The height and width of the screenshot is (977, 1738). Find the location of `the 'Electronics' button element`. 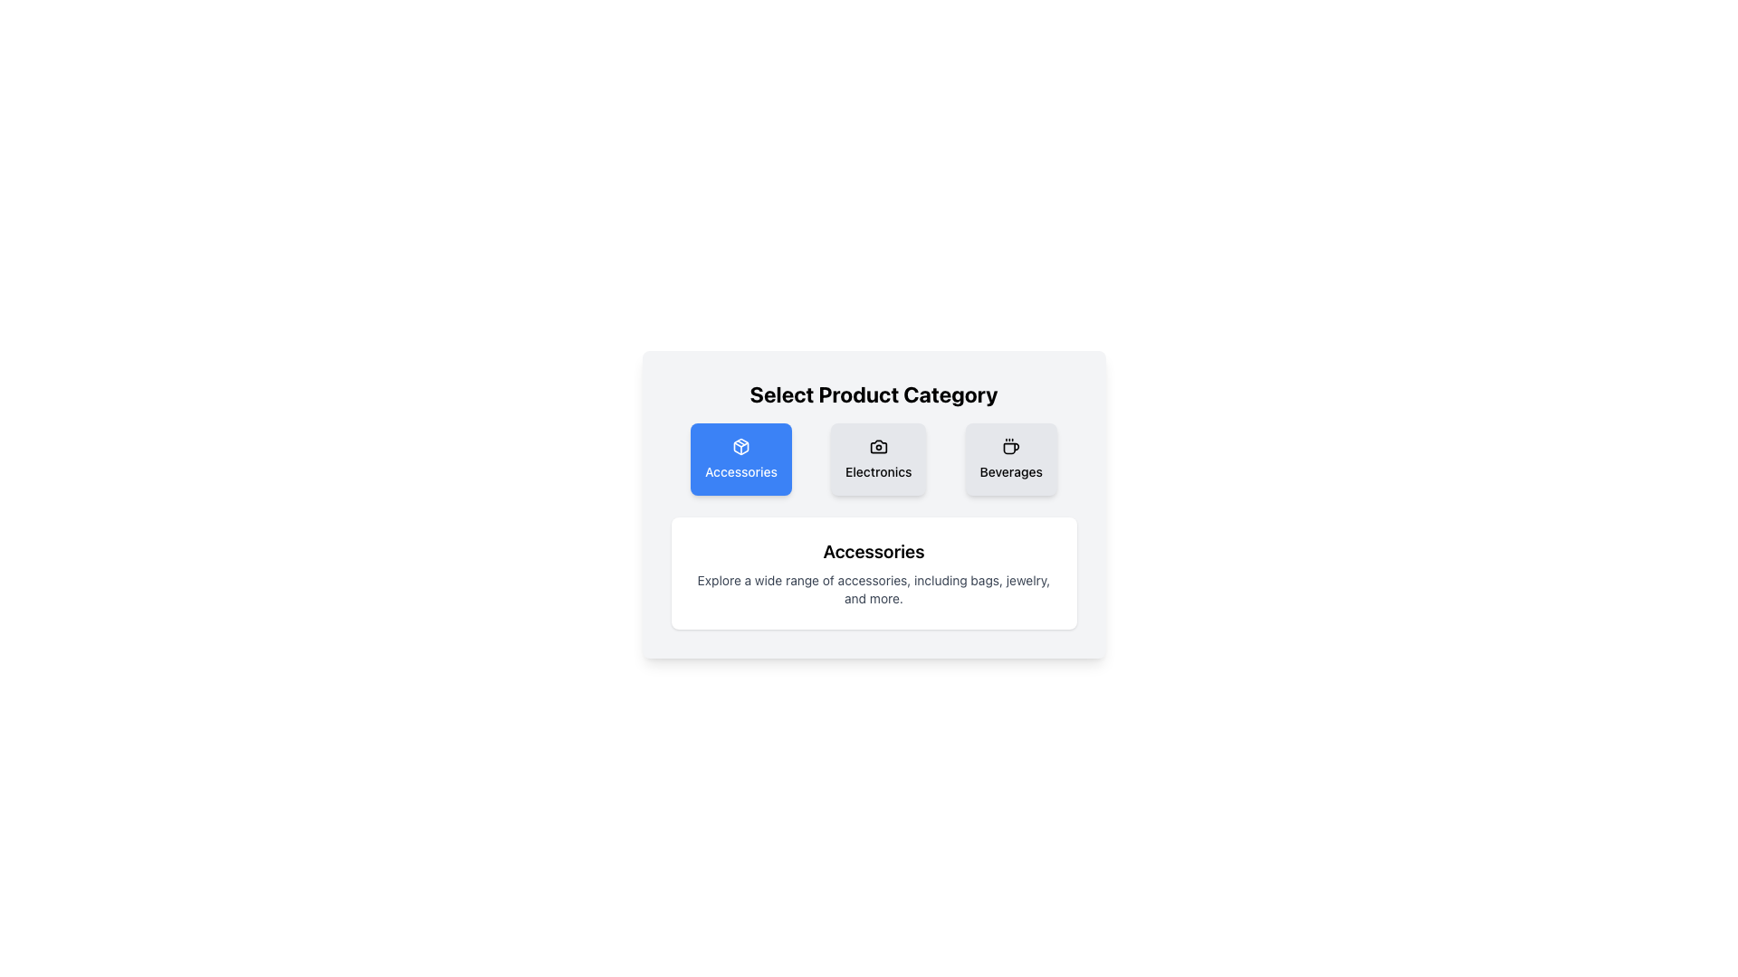

the 'Electronics' button element is located at coordinates (874, 459).